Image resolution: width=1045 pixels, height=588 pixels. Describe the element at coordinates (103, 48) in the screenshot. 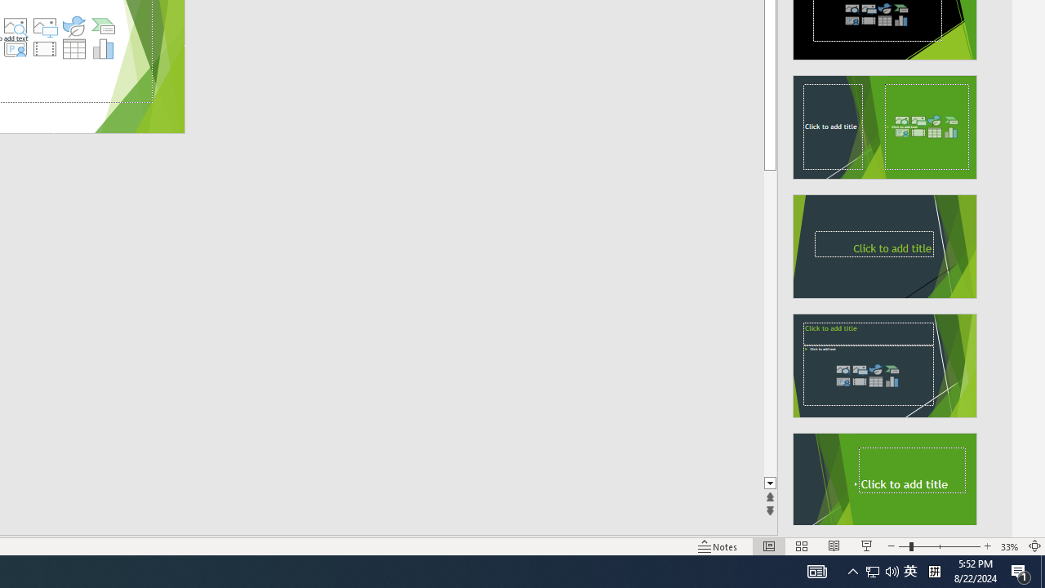

I see `'Insert Chart'` at that location.